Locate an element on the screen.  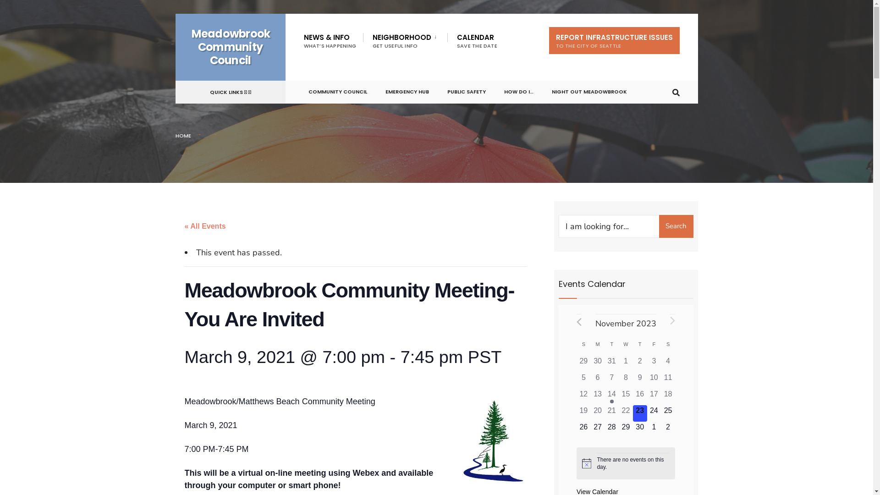
'0 events, is located at coordinates (632, 396).